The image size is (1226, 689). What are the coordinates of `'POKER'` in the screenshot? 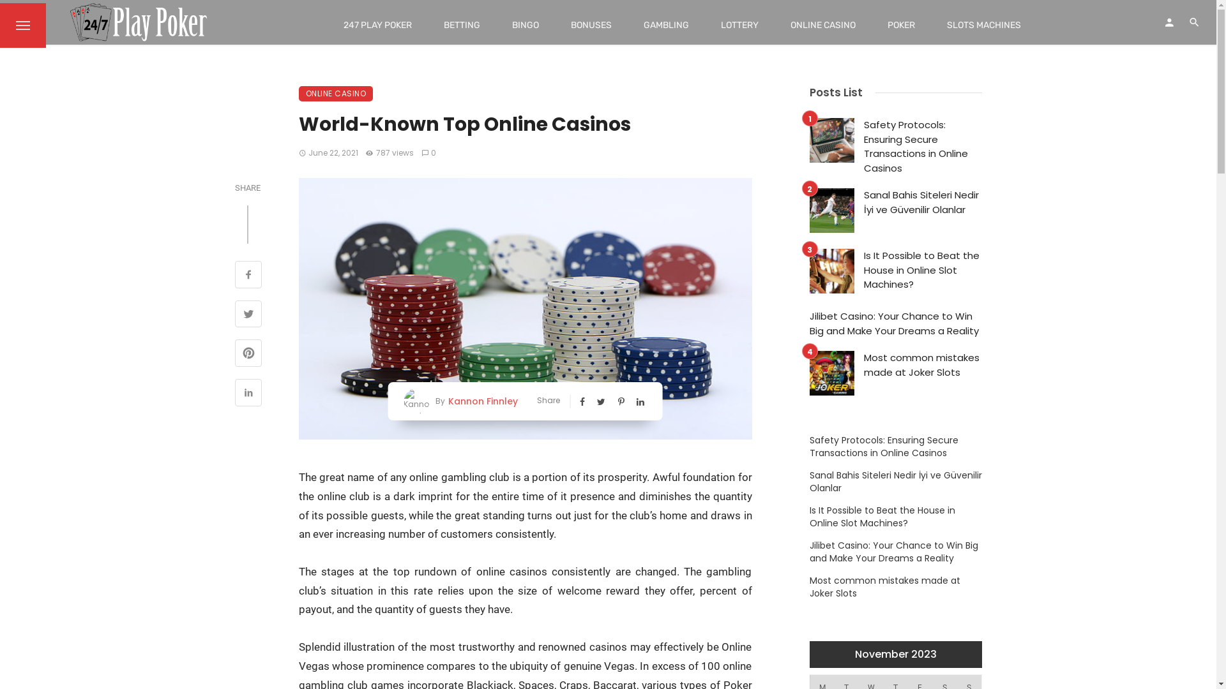 It's located at (900, 25).